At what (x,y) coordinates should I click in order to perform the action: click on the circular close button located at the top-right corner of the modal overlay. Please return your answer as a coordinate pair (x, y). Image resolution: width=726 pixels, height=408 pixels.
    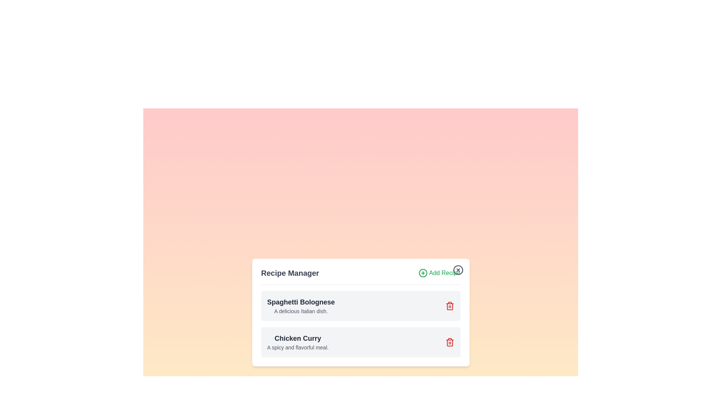
    Looking at the image, I should click on (458, 269).